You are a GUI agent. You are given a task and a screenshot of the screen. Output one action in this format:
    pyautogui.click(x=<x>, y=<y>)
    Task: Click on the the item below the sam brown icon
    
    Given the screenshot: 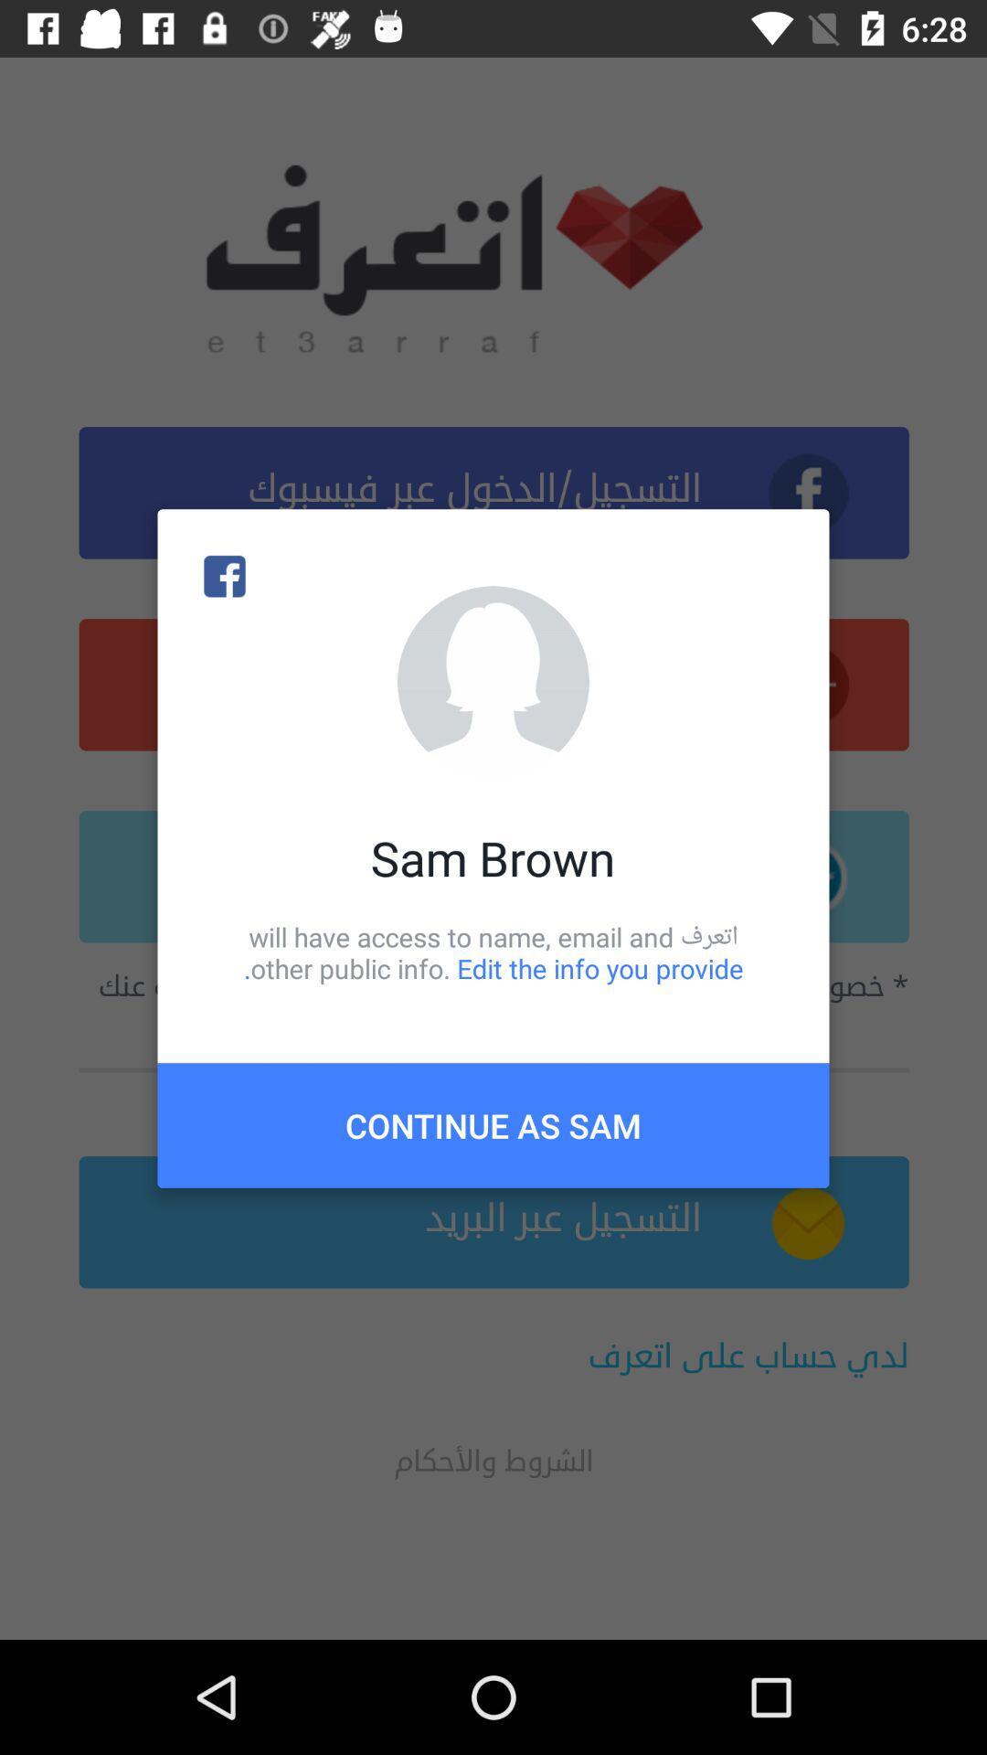 What is the action you would take?
    pyautogui.click(x=493, y=952)
    